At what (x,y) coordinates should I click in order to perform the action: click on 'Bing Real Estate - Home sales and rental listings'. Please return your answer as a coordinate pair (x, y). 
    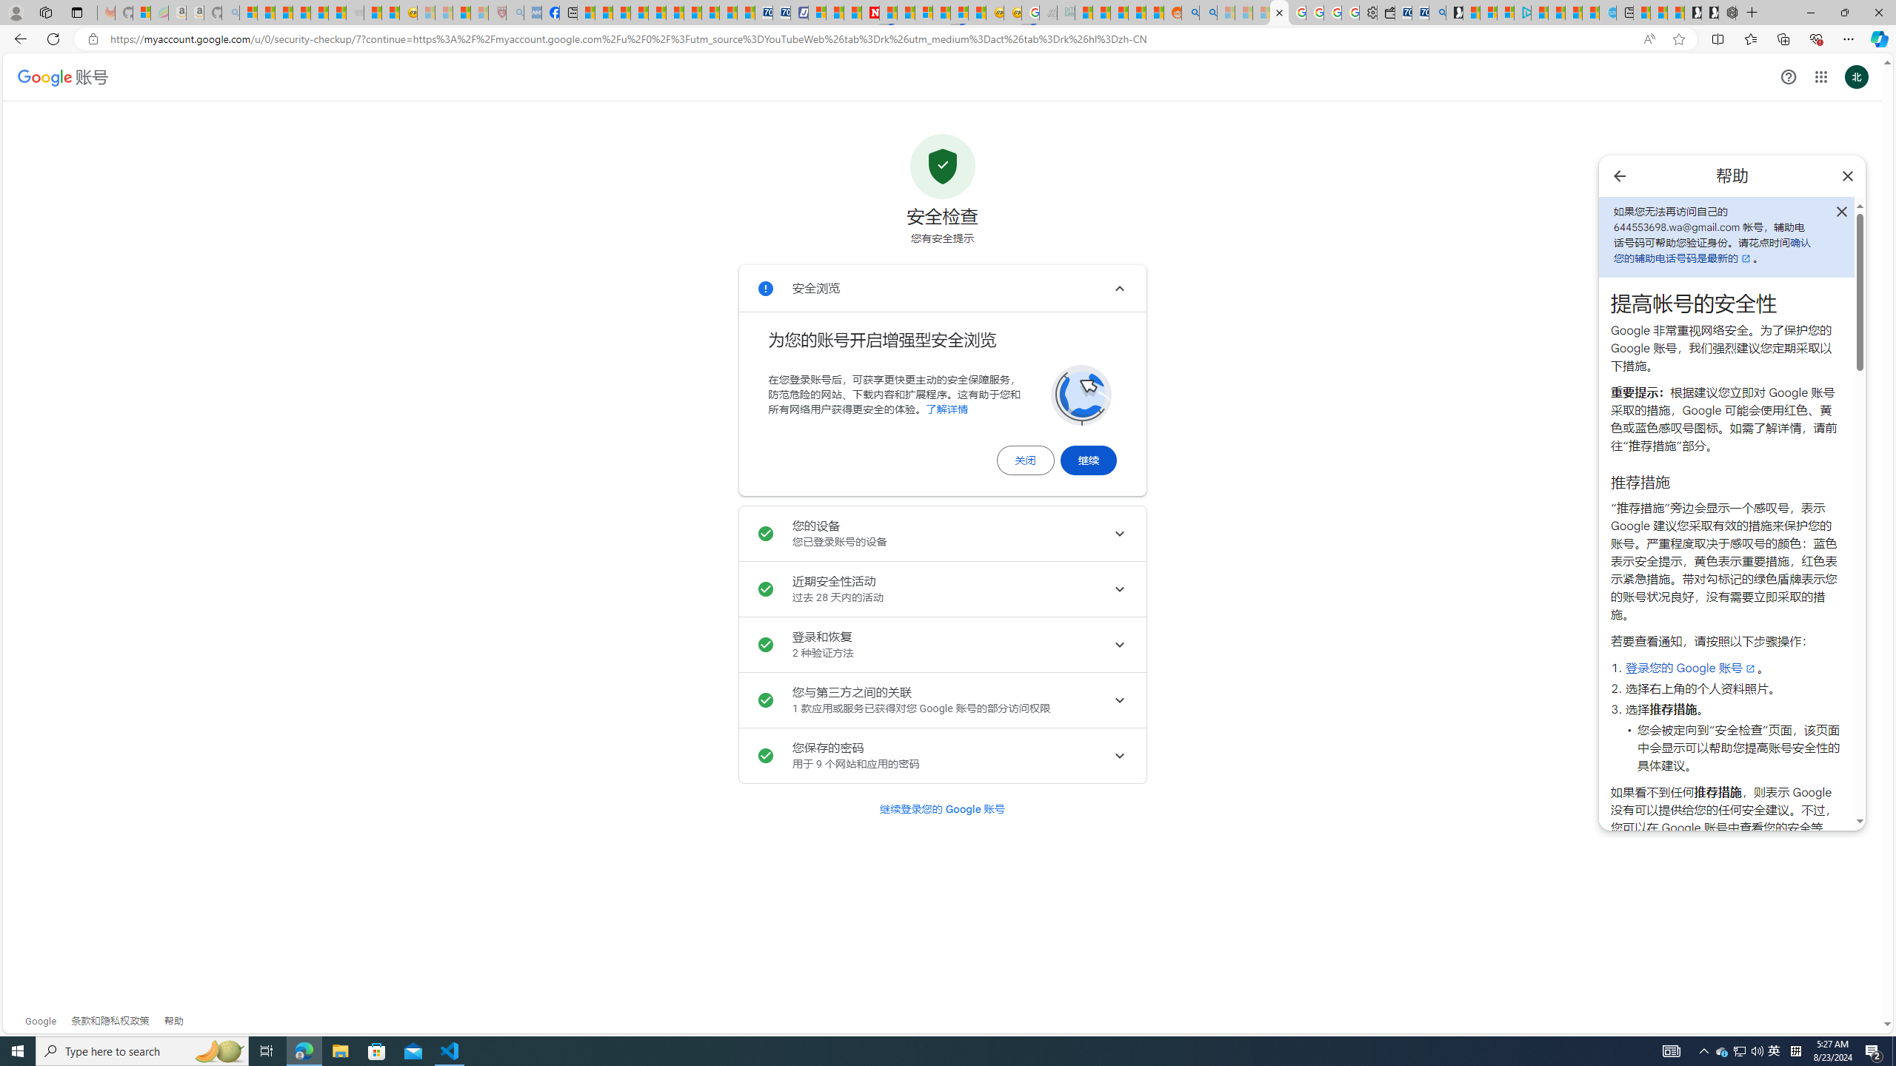
    Looking at the image, I should click on (1437, 12).